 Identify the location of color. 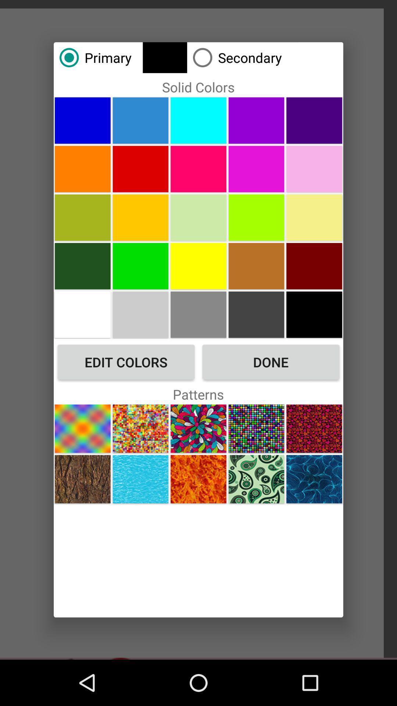
(82, 265).